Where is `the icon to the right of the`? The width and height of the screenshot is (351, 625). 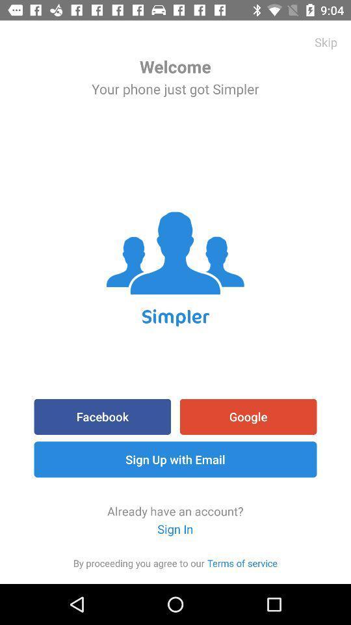 the icon to the right of the is located at coordinates (242, 562).